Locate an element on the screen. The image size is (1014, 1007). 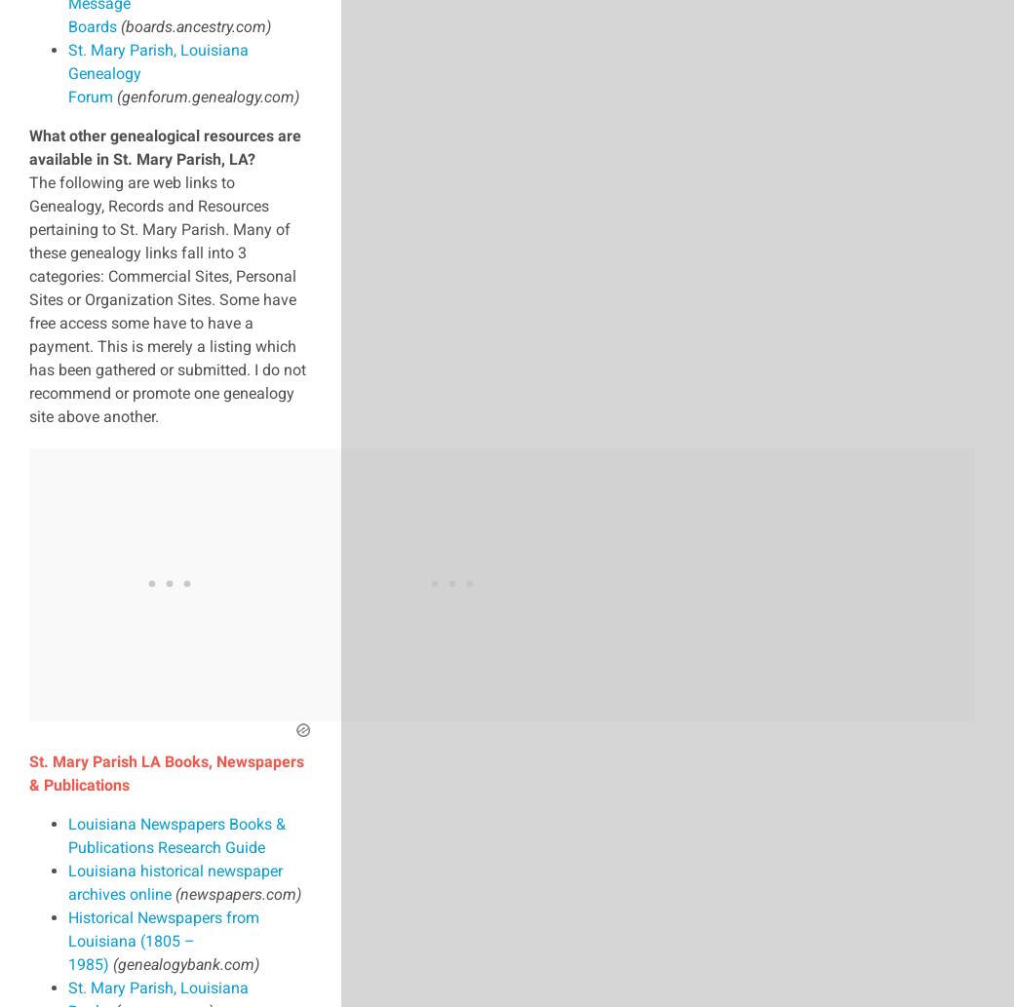
'Louisiana historical newspaper archives online' is located at coordinates (66, 880).